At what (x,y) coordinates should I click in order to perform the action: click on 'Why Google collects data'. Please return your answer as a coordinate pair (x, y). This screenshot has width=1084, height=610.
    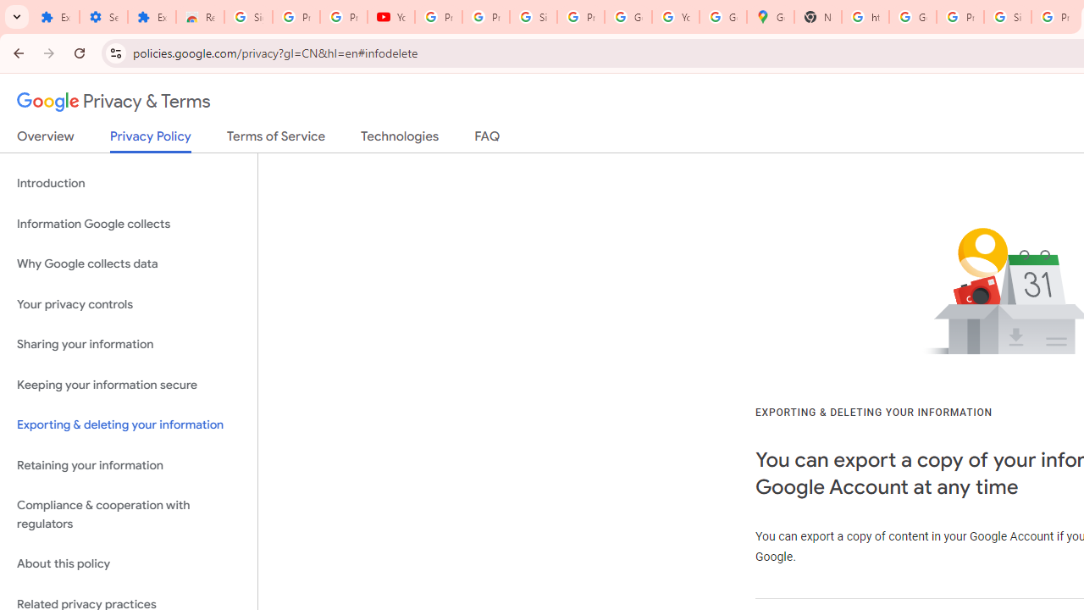
    Looking at the image, I should click on (128, 264).